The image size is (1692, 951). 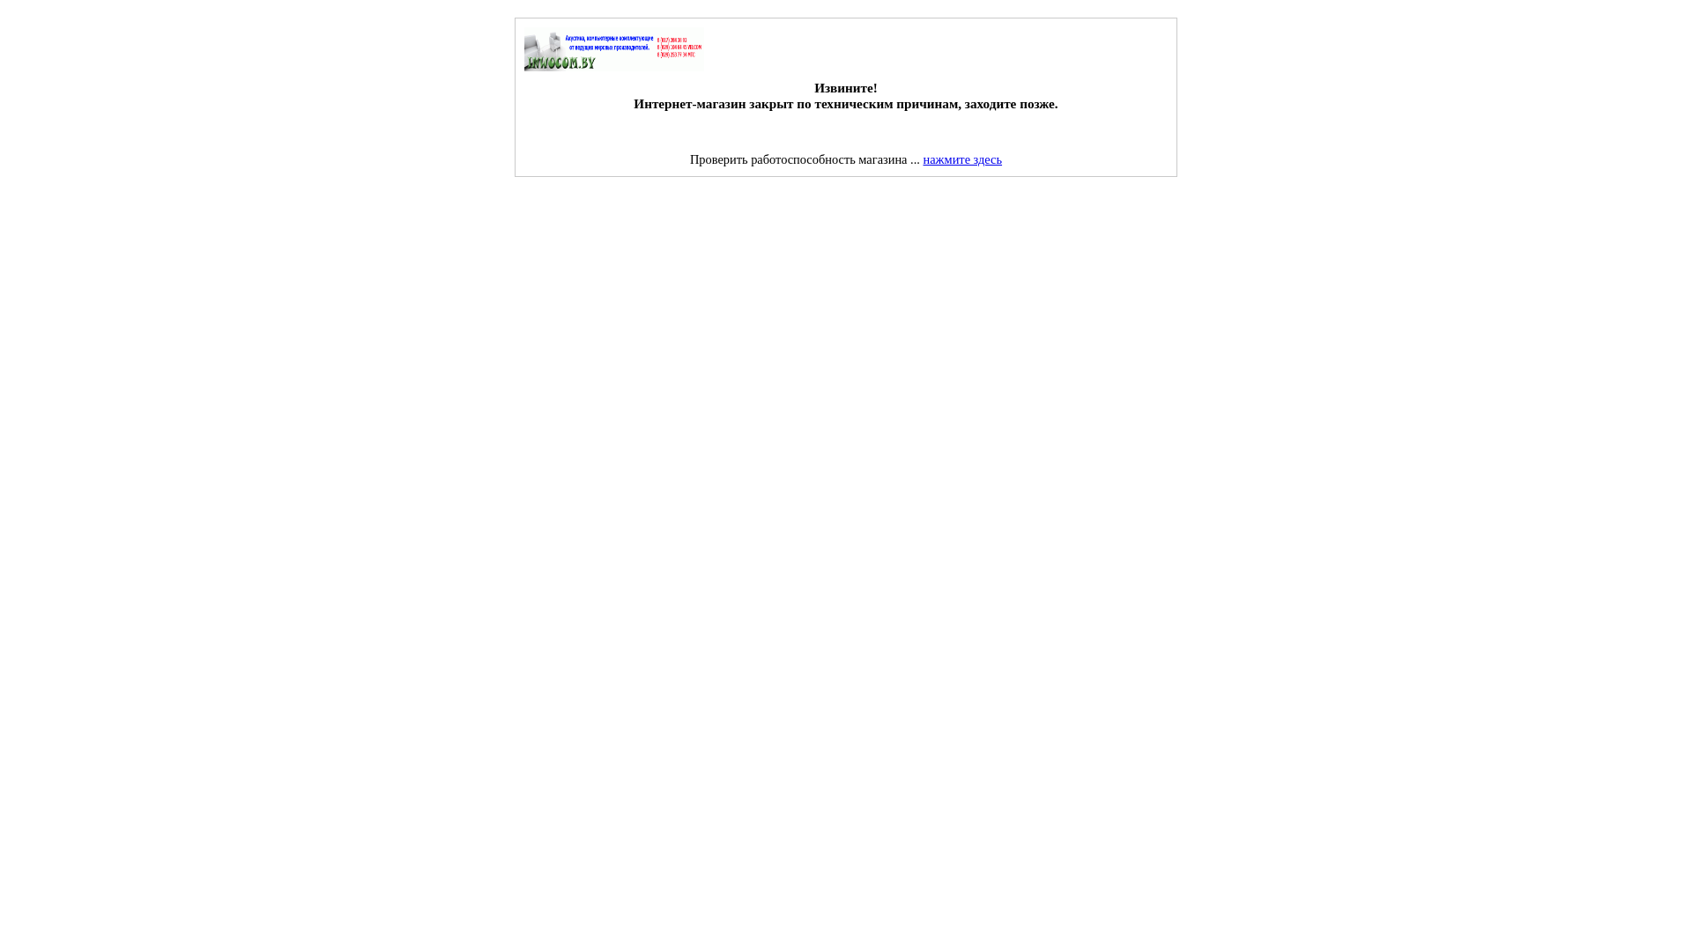 What do you see at coordinates (122, 198) in the screenshot?
I see `'Industrial Safety Bumper'` at bounding box center [122, 198].